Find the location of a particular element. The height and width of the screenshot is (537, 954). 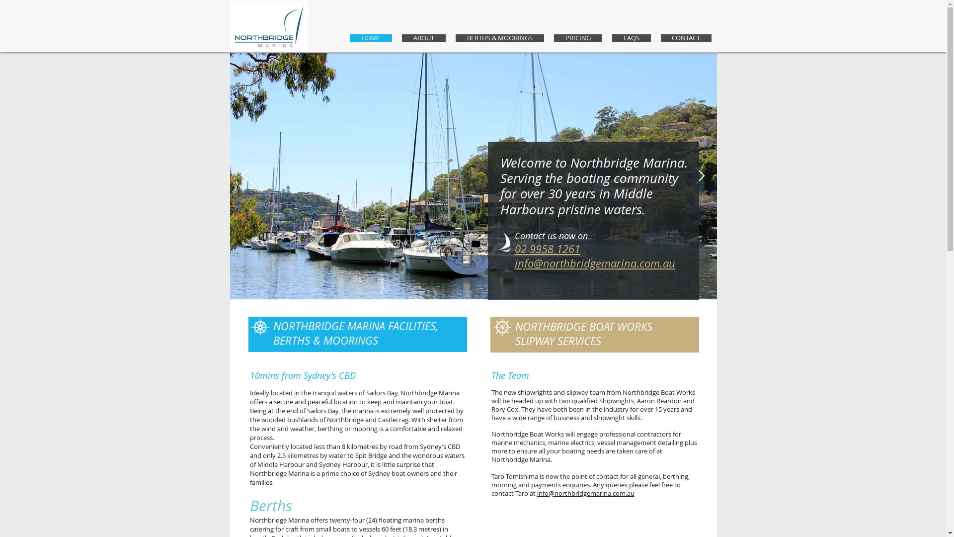

'02 9958 1261' is located at coordinates (547, 248).